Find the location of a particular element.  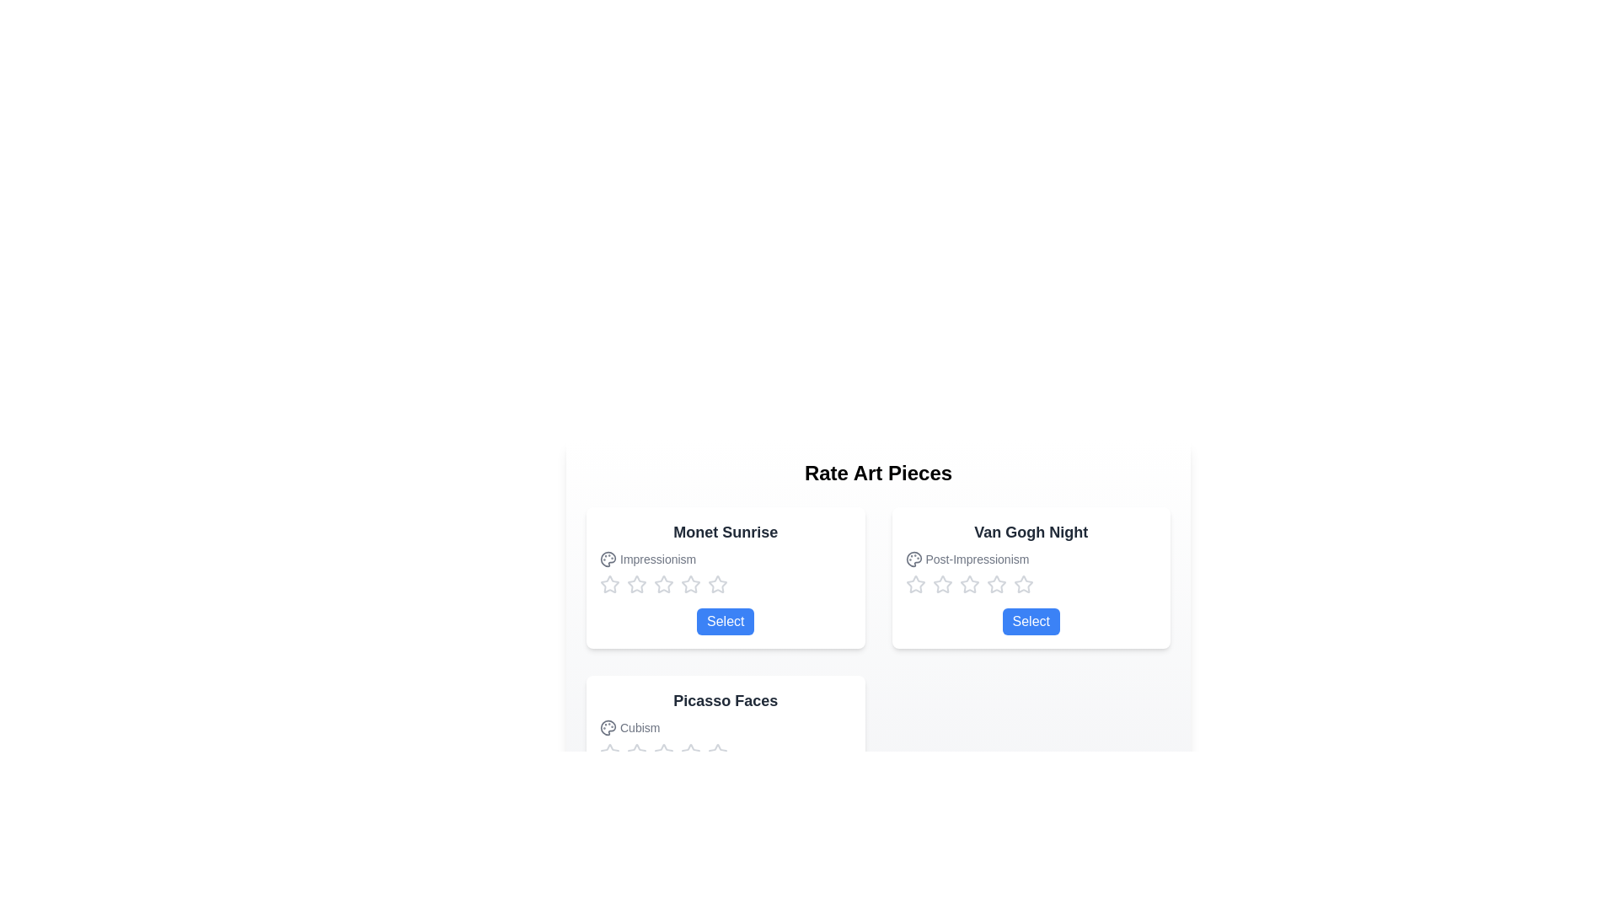

the fourth star in the 'Van Gogh Night' rating system is located at coordinates (1022, 584).